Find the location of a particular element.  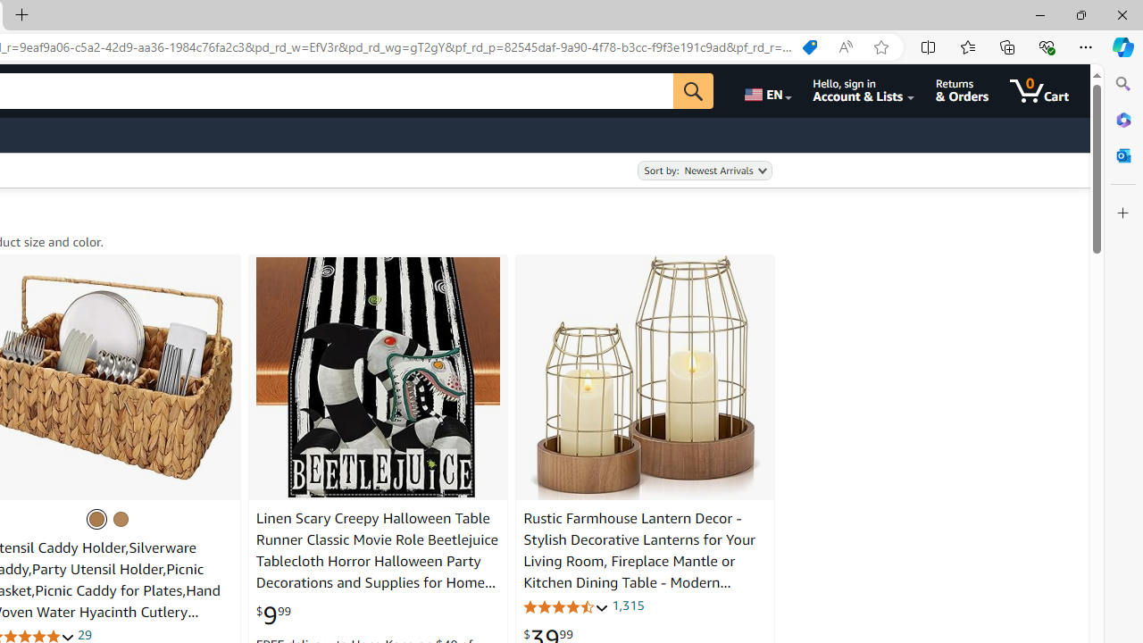

'Returns & Orders' is located at coordinates (961, 90).